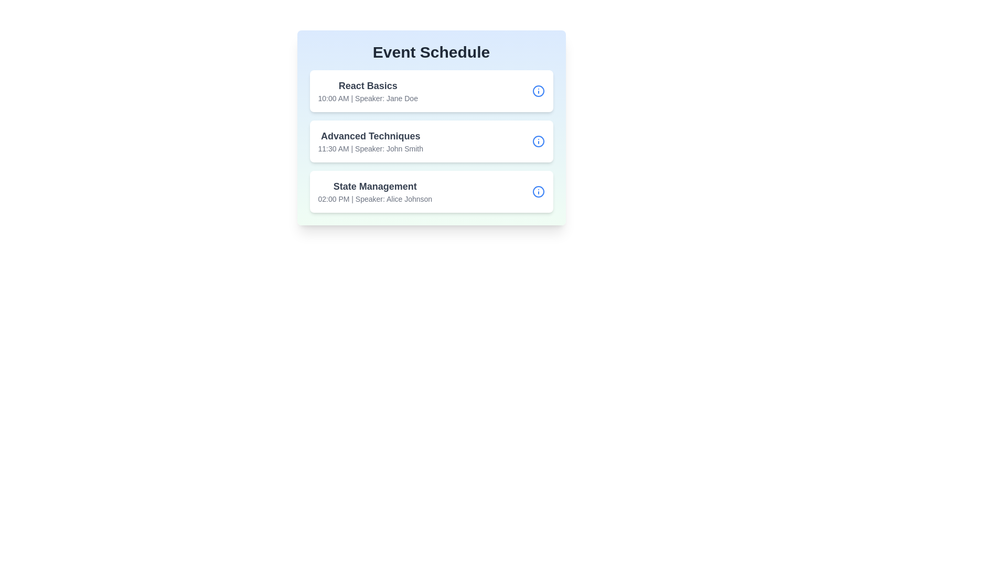  I want to click on the information button for the session 'Advanced Techniques', so click(538, 141).